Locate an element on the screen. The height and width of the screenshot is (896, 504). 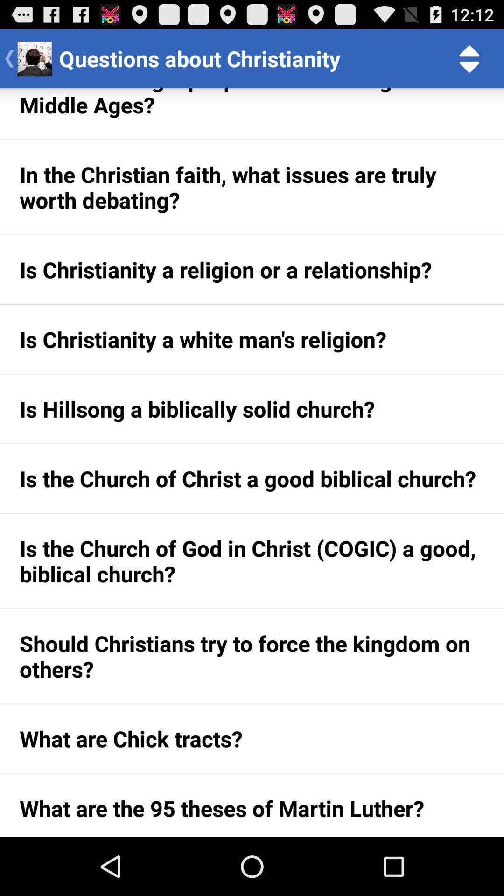
the icon which is just below the time is located at coordinates (469, 58).